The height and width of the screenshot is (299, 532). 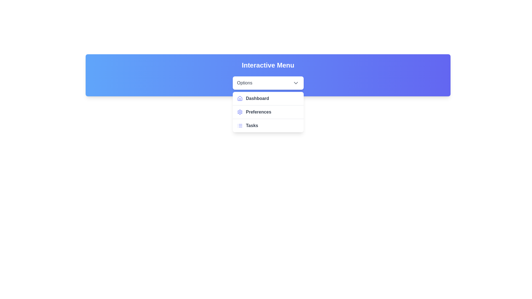 What do you see at coordinates (240, 112) in the screenshot?
I see `the settings icon located at the top bar of the interface` at bounding box center [240, 112].